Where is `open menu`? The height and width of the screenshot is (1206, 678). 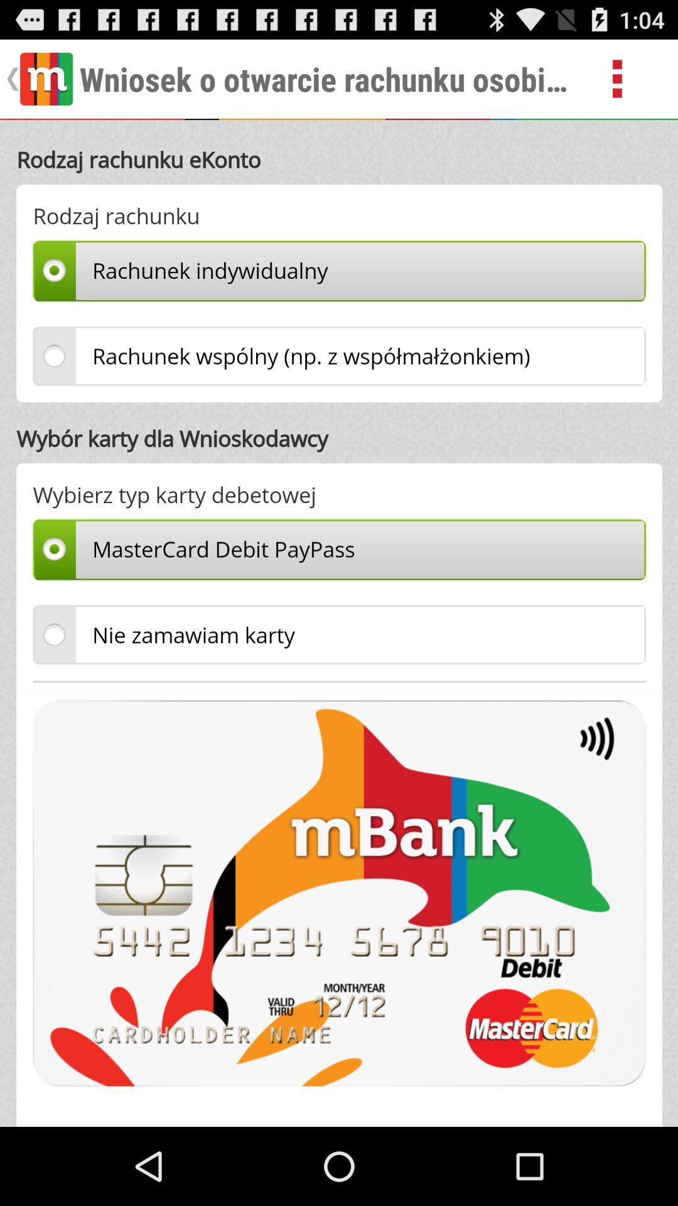
open menu is located at coordinates (632, 78).